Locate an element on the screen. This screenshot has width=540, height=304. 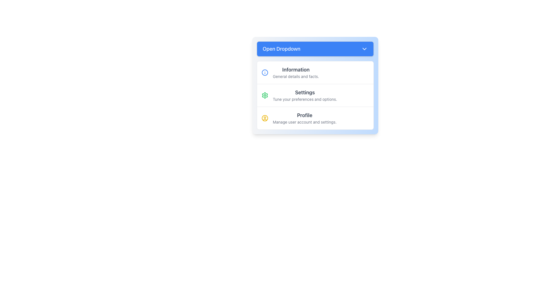
the second item in the dropdown menu list, which is the settings-related option is located at coordinates (315, 95).